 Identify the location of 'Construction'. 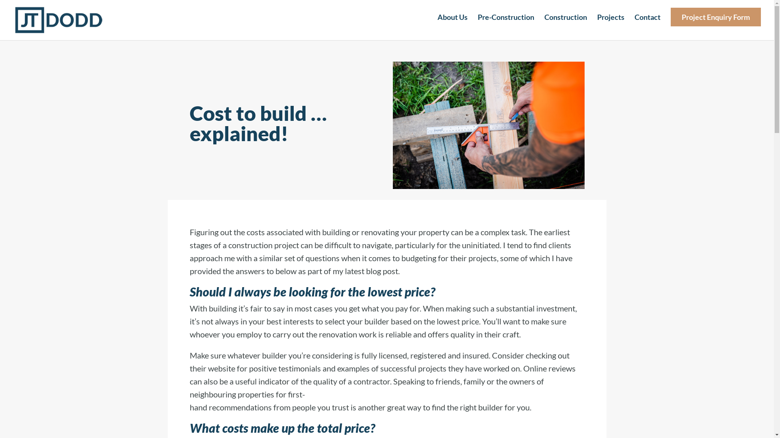
(565, 24).